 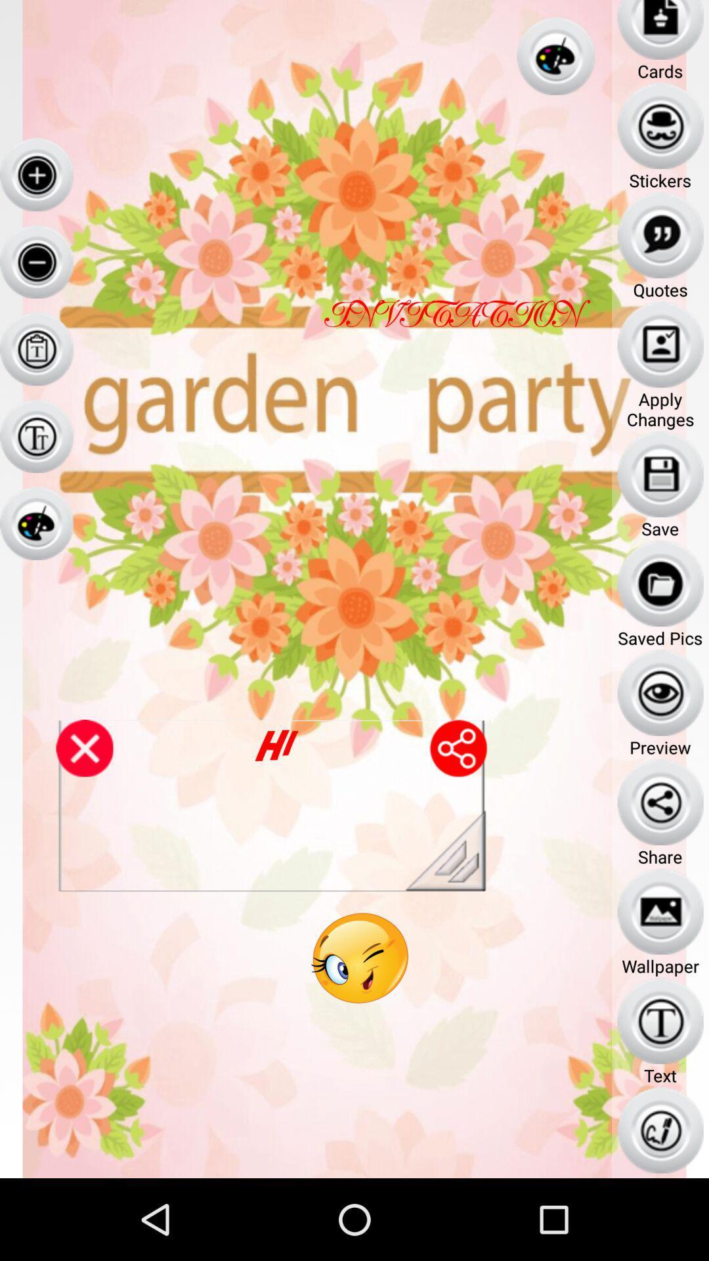 What do you see at coordinates (84, 800) in the screenshot?
I see `the close icon` at bounding box center [84, 800].